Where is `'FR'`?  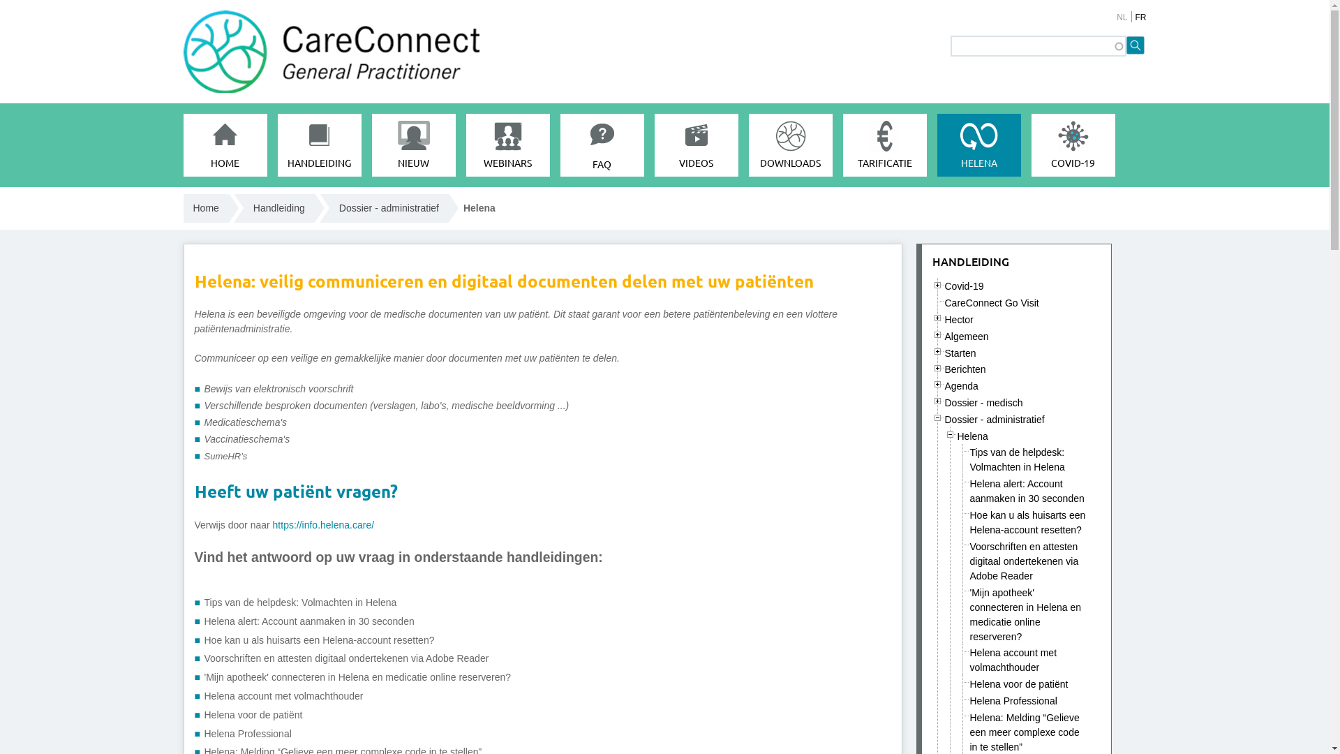 'FR' is located at coordinates (1135, 17).